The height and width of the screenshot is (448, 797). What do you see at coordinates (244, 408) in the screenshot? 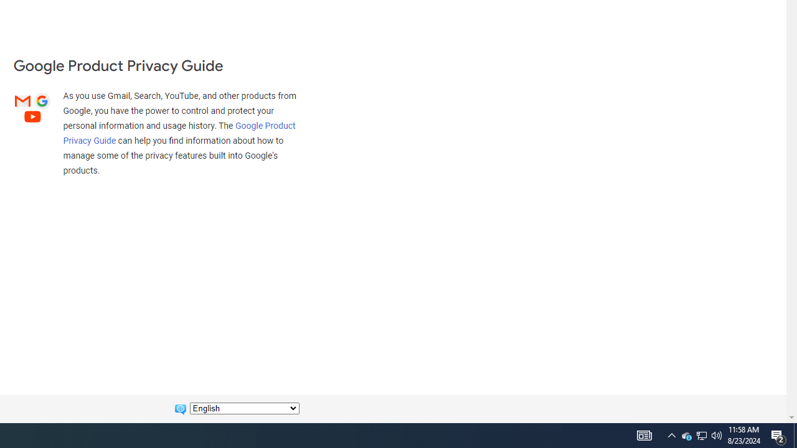
I see `'Change language:'` at bounding box center [244, 408].